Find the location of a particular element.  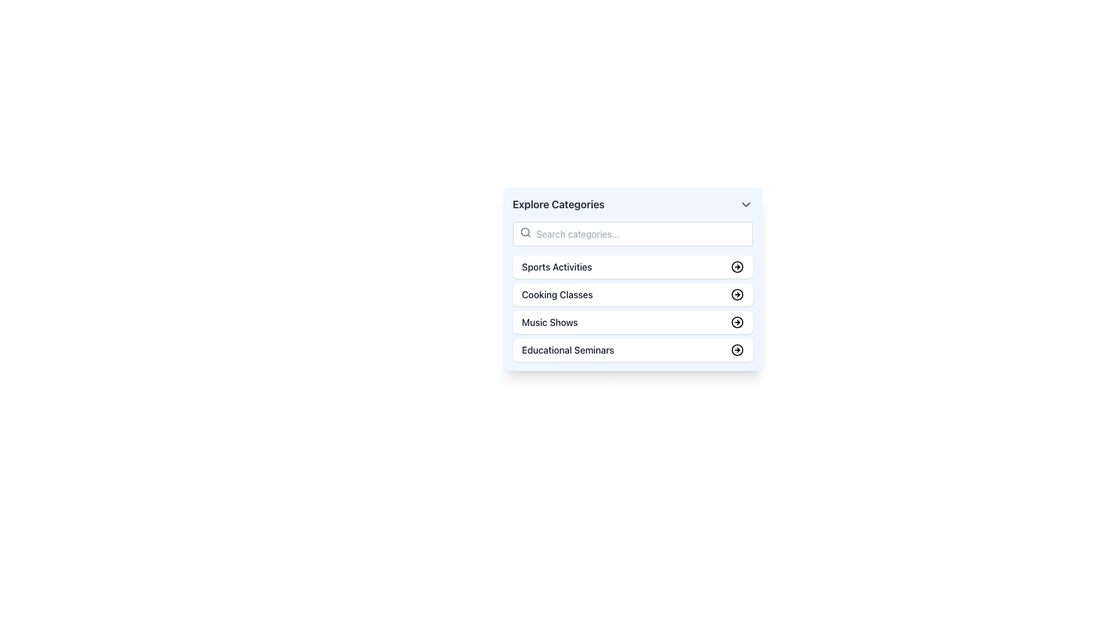

the Dropdown toggle icon located at the top-right corner of the 'Explore Categories' section is located at coordinates (746, 204).